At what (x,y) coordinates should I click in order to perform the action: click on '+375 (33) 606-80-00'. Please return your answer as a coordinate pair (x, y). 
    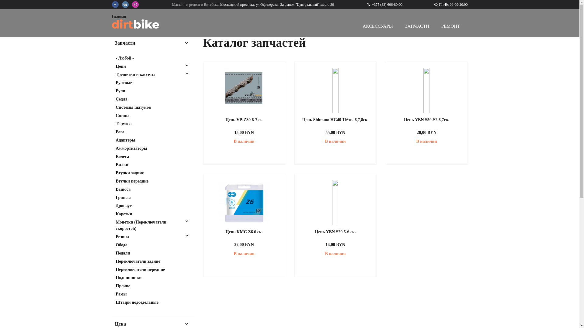
    Looking at the image, I should click on (384, 5).